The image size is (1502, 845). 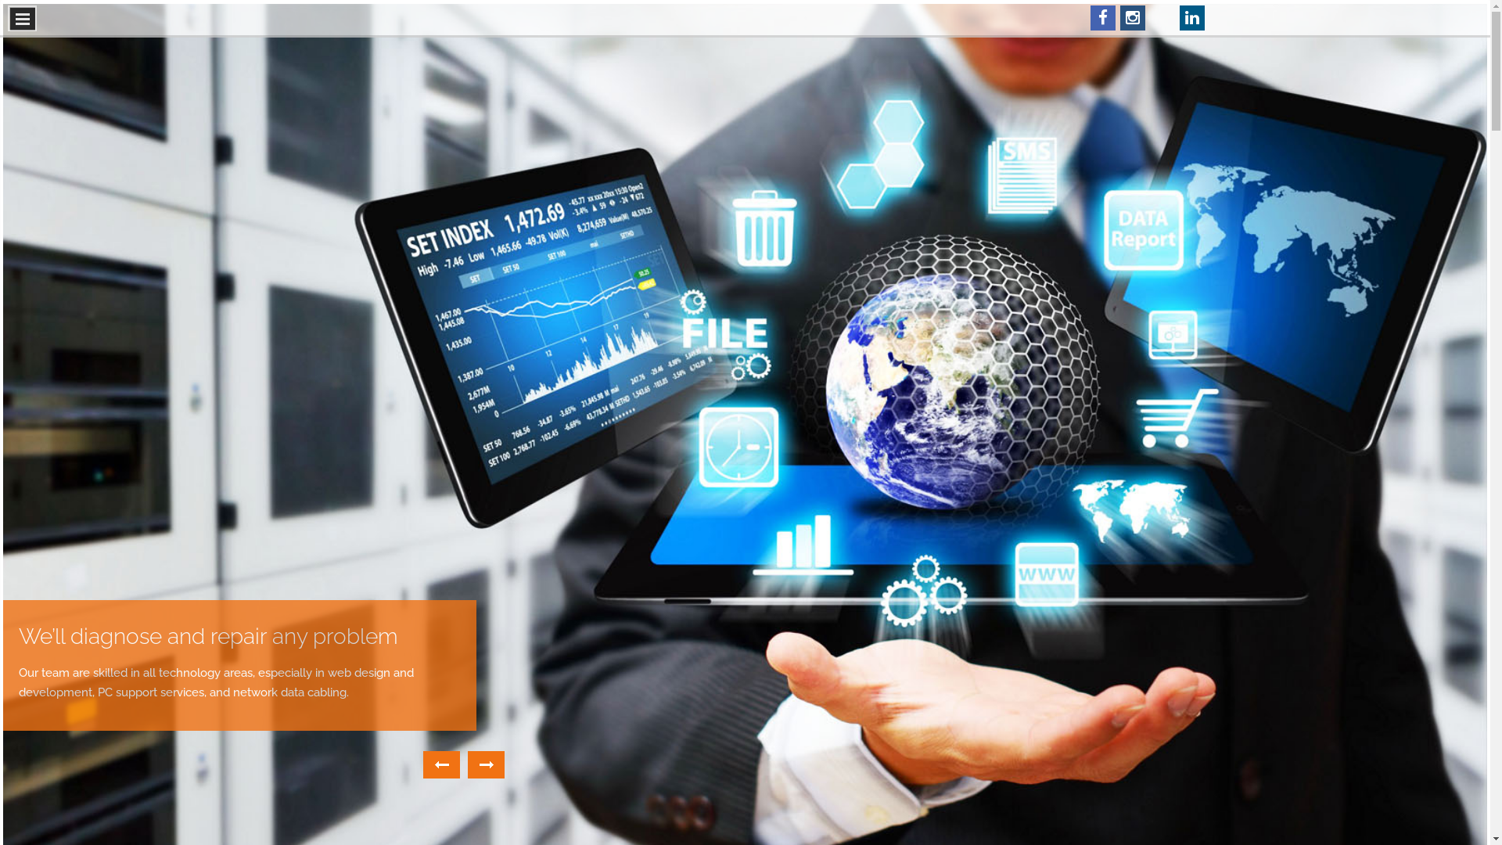 I want to click on 'Facebook', so click(x=1102, y=18).